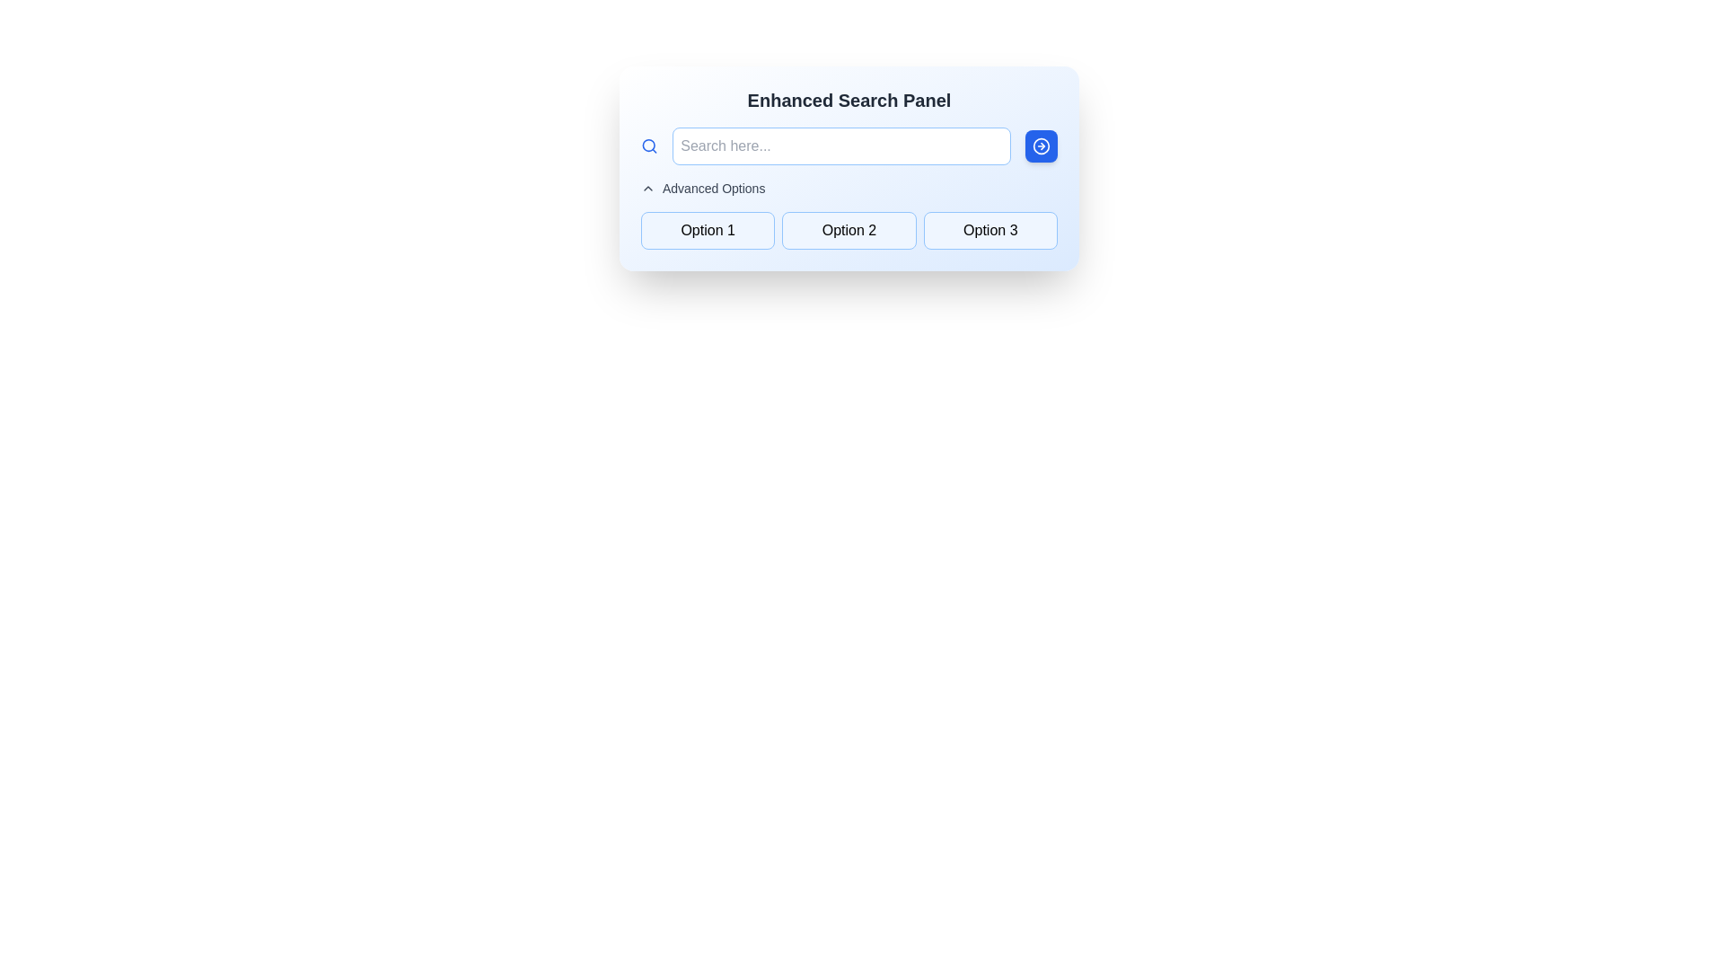 Image resolution: width=1724 pixels, height=970 pixels. What do you see at coordinates (702, 188) in the screenshot?
I see `the toggle button for revealing or condensing advanced search options in the Enhanced Search Panel` at bounding box center [702, 188].